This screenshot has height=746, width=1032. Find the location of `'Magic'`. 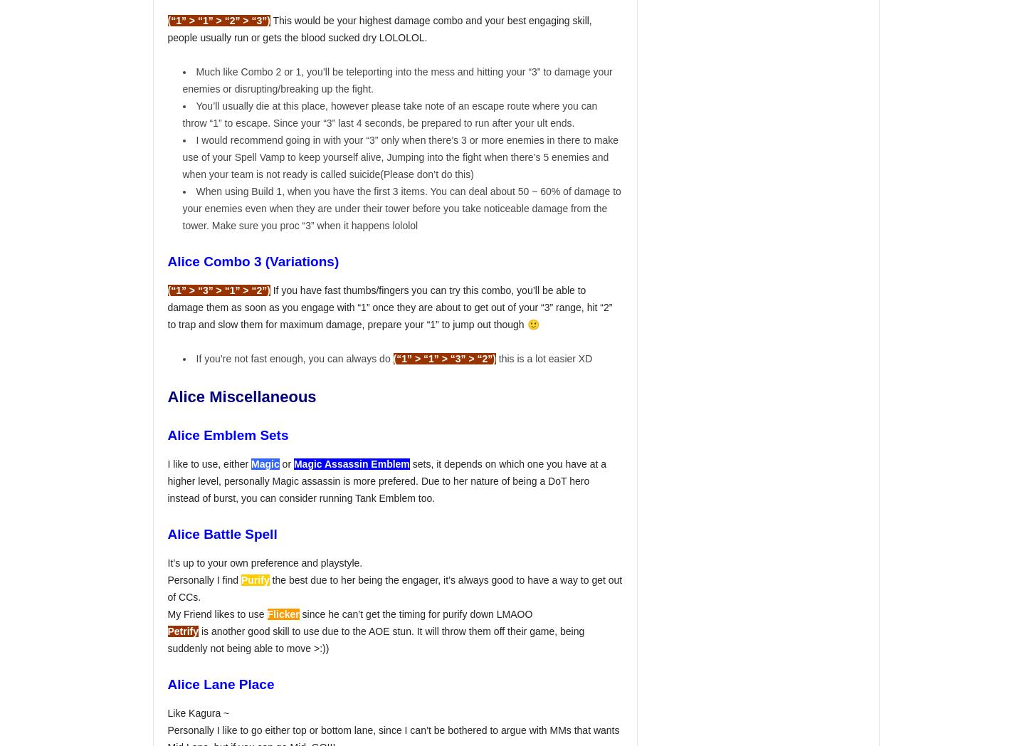

'Magic' is located at coordinates (264, 463).